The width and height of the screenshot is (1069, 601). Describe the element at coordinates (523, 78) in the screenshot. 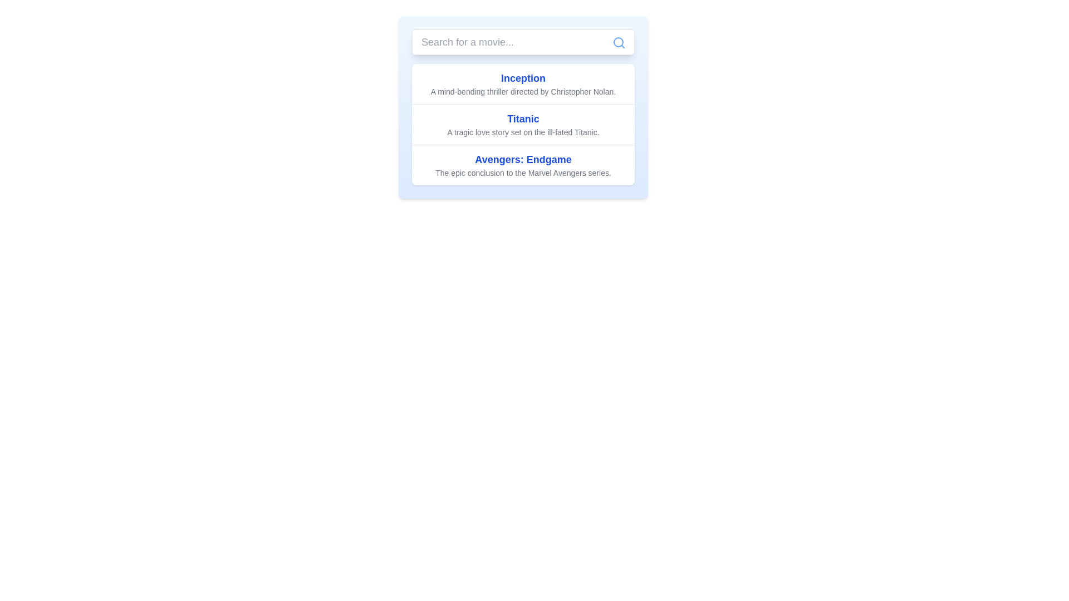

I see `the Text display element that serves as a title for the movie 'Inception', which is positioned in the first row of a list of movie titles` at that location.